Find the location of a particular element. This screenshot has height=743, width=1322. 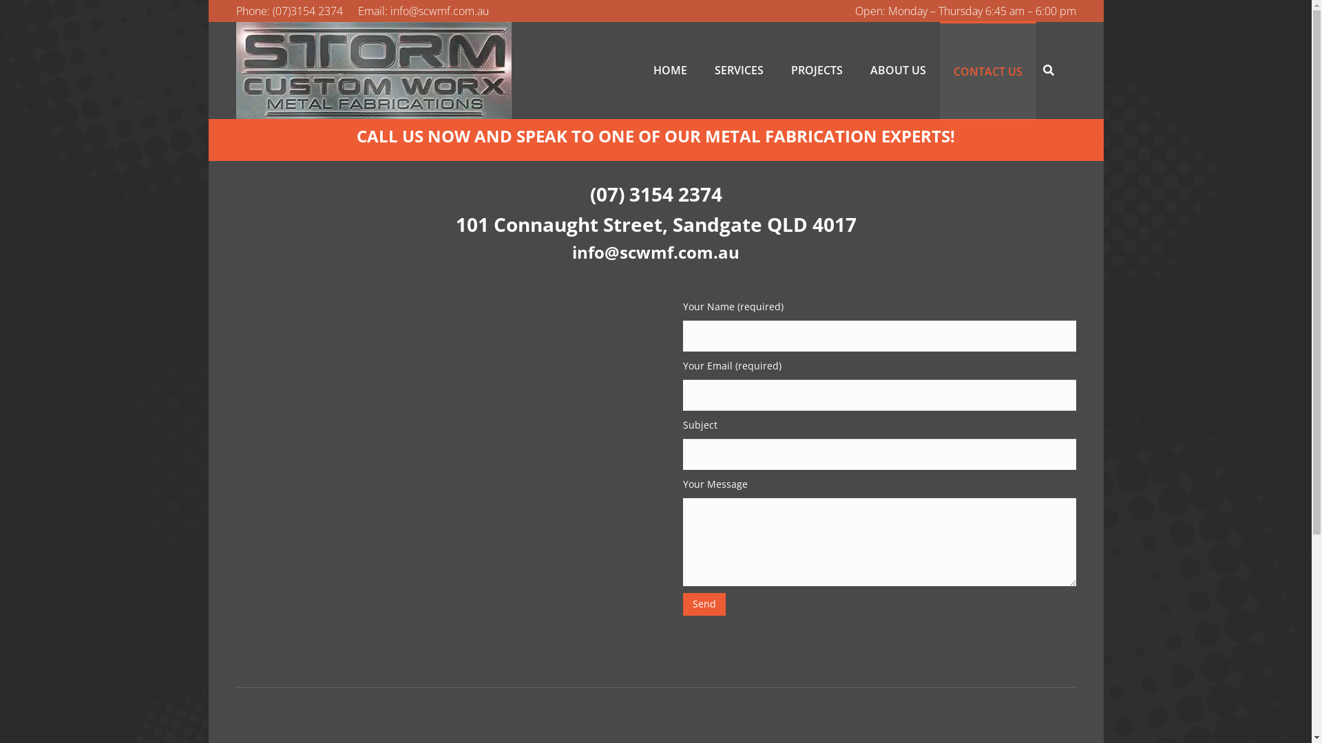

'CONTACT US' is located at coordinates (938, 69).